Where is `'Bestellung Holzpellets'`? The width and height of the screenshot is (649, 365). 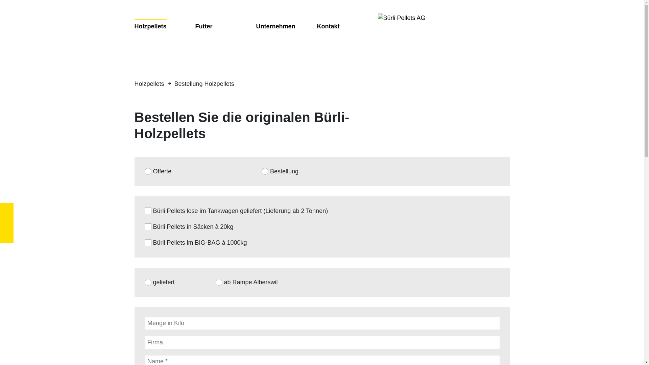
'Bestellung Holzpellets' is located at coordinates (204, 83).